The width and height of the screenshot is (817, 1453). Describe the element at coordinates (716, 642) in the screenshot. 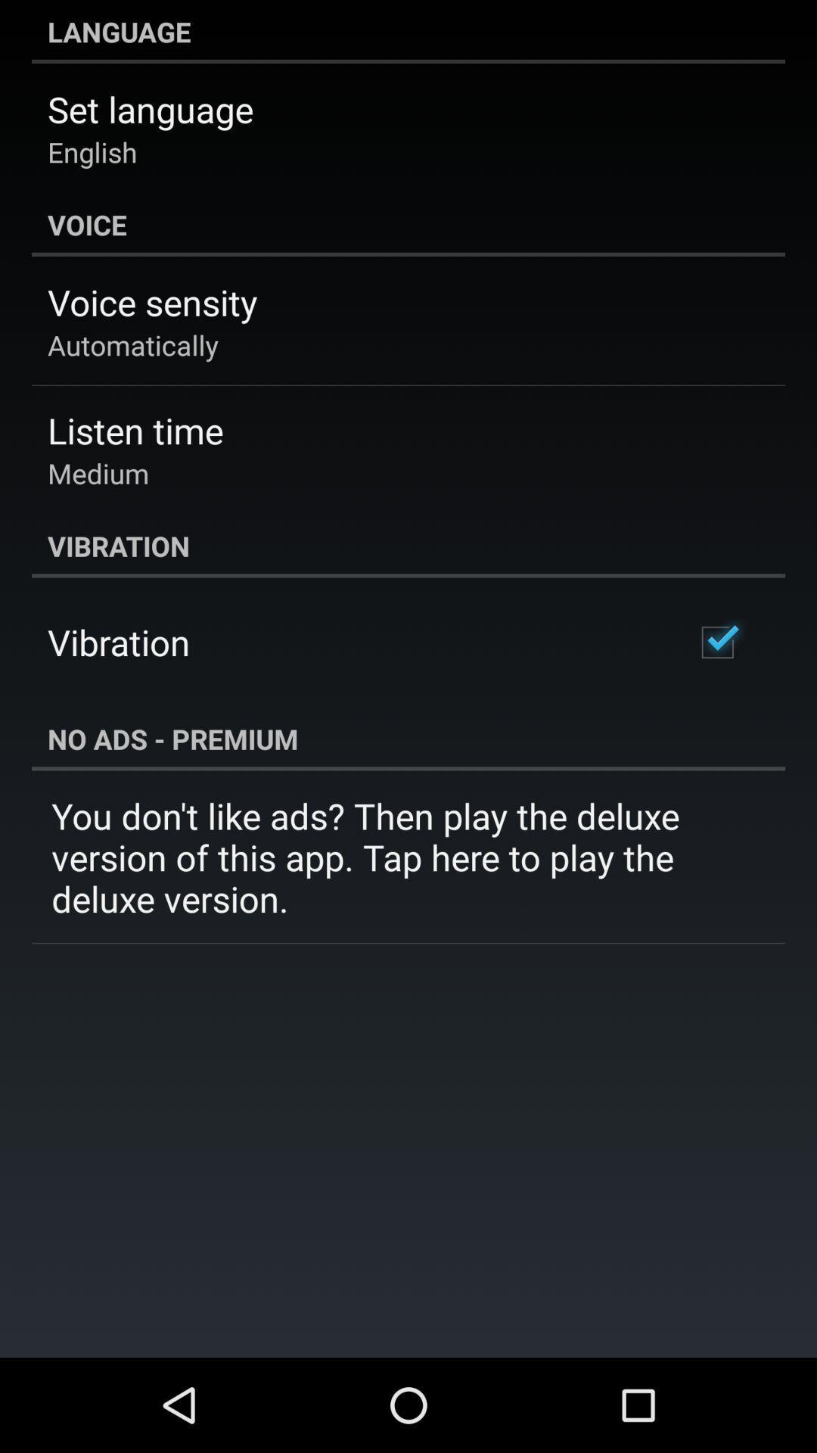

I see `item to the right of the vibration icon` at that location.